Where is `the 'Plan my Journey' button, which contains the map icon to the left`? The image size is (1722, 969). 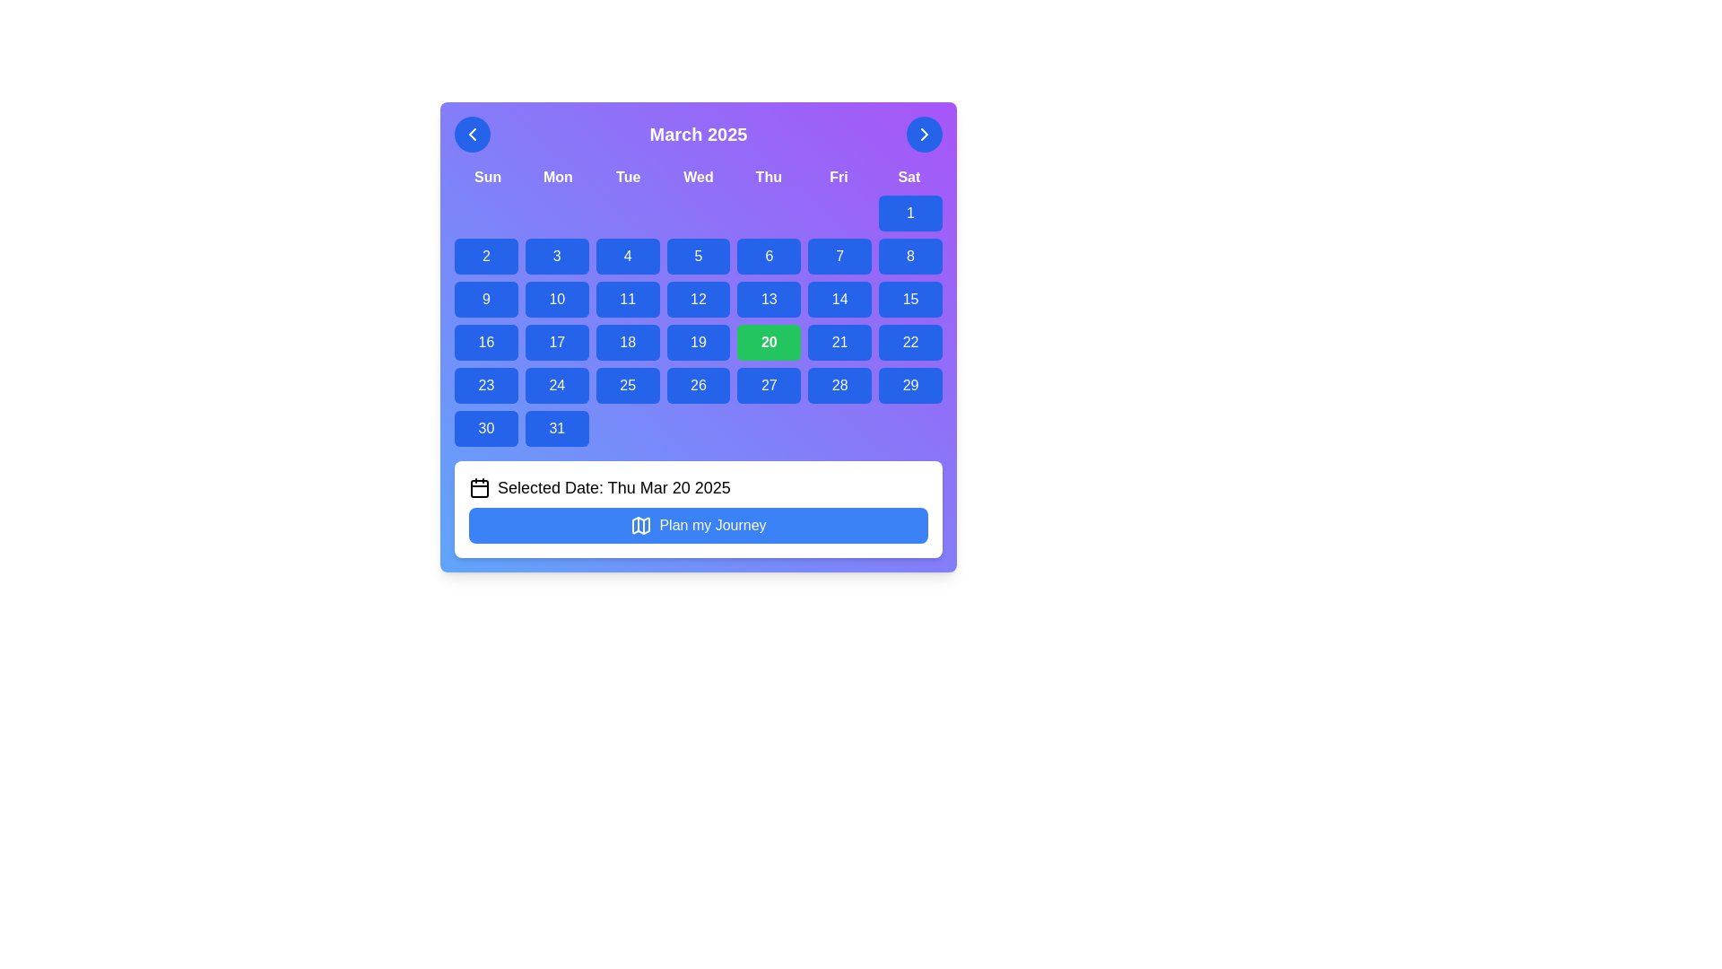 the 'Plan my Journey' button, which contains the map icon to the left is located at coordinates (641, 525).